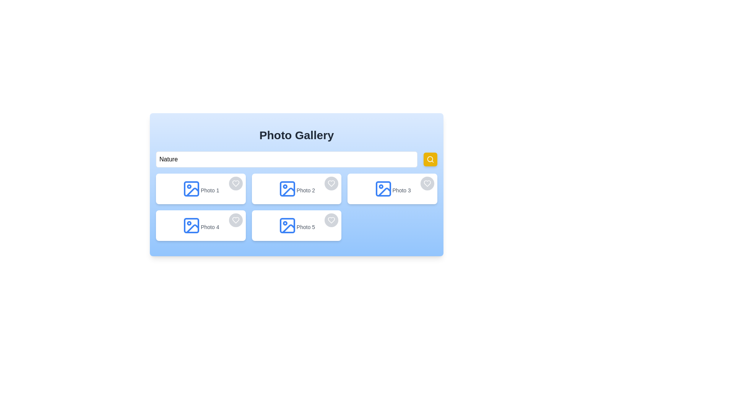 The height and width of the screenshot is (413, 734). Describe the element at coordinates (287, 225) in the screenshot. I see `the SVG rectangular component that visually represents a photograph or placeholder, located in the fifth item of the gallery grid, second row and third column` at that location.